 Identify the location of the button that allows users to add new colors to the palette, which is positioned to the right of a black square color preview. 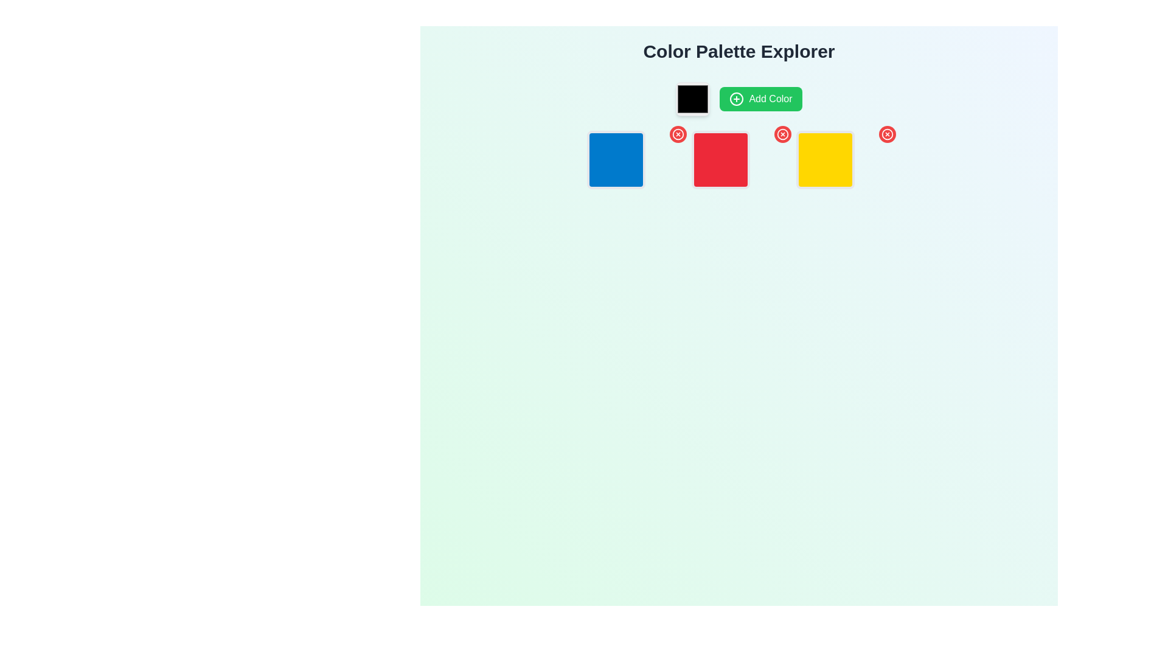
(760, 98).